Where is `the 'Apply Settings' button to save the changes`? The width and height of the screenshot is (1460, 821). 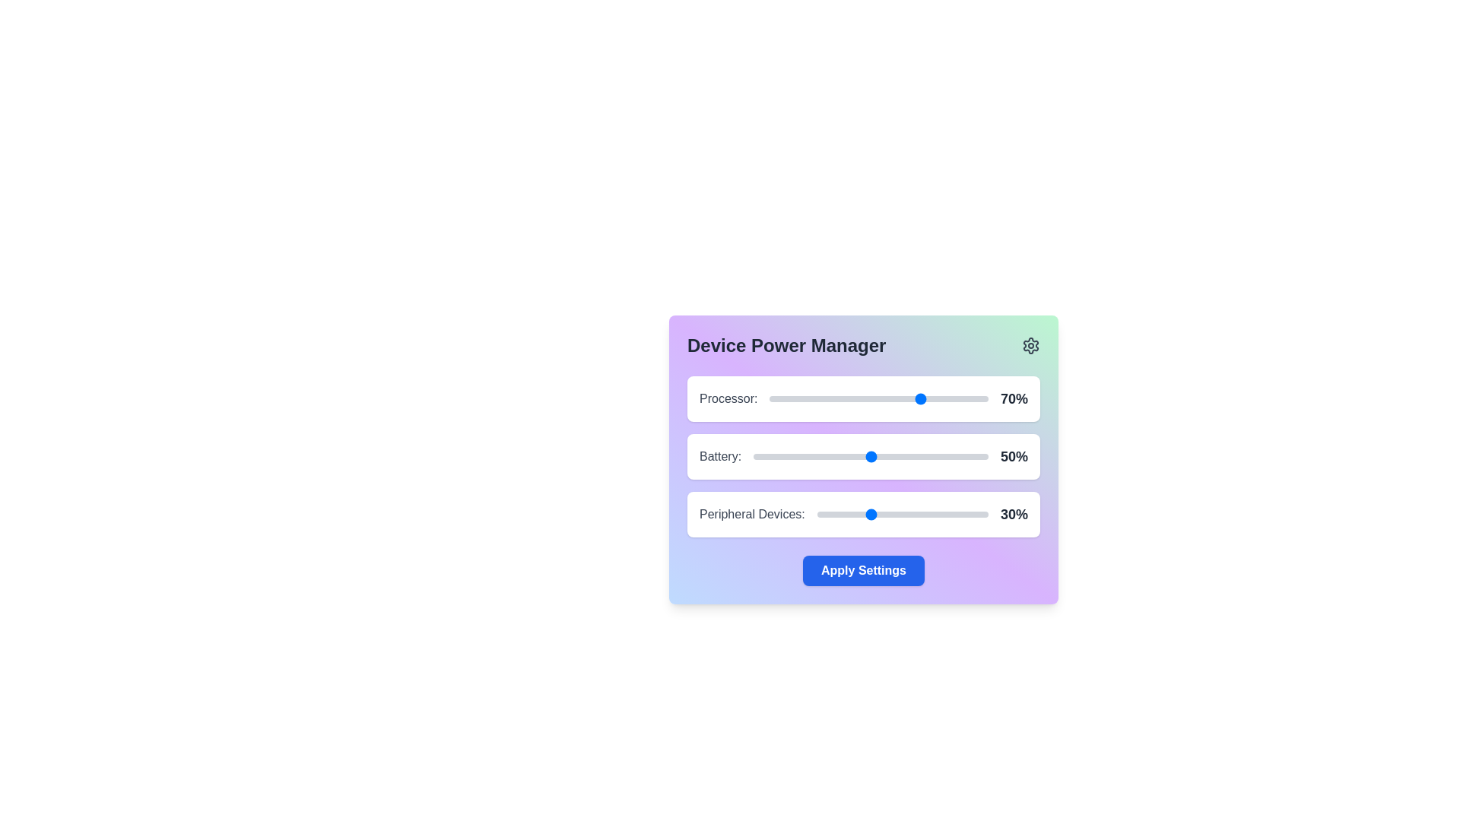
the 'Apply Settings' button to save the changes is located at coordinates (864, 571).